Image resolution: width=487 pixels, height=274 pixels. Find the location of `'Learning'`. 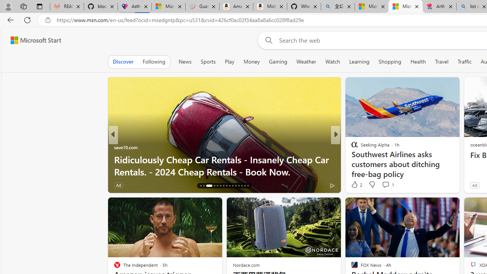

'Learning' is located at coordinates (359, 61).